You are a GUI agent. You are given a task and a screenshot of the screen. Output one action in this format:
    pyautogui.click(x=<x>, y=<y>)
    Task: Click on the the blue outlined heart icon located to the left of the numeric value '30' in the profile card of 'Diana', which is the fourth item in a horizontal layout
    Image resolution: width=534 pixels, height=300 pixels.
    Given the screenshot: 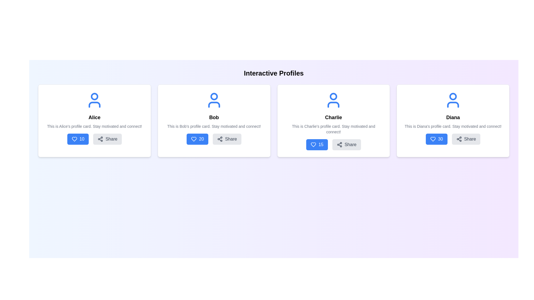 What is the action you would take?
    pyautogui.click(x=432, y=139)
    